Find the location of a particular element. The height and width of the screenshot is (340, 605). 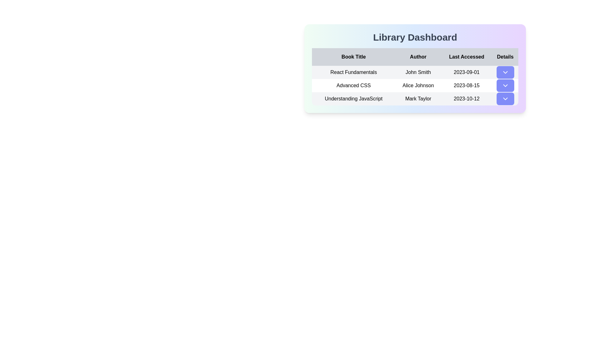

the table header label displaying 'Last Accessed', which is styled with a bold font and is positioned in the third column of the table, between the 'Author' and 'Details' columns is located at coordinates (467, 57).